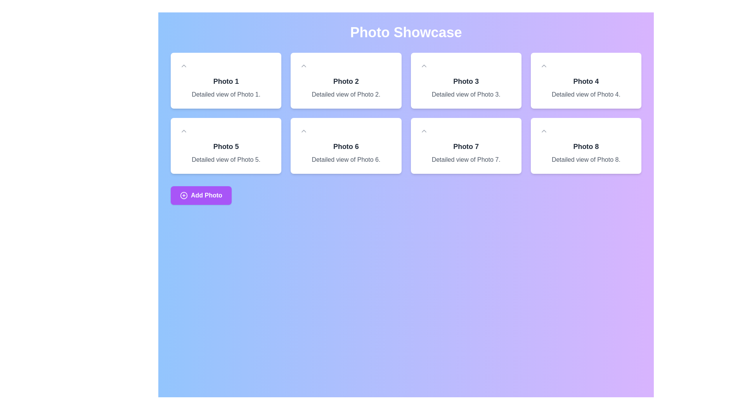 This screenshot has width=745, height=419. What do you see at coordinates (423, 131) in the screenshot?
I see `the chevron icon button located at the top-left of the 'Photo 7' card` at bounding box center [423, 131].